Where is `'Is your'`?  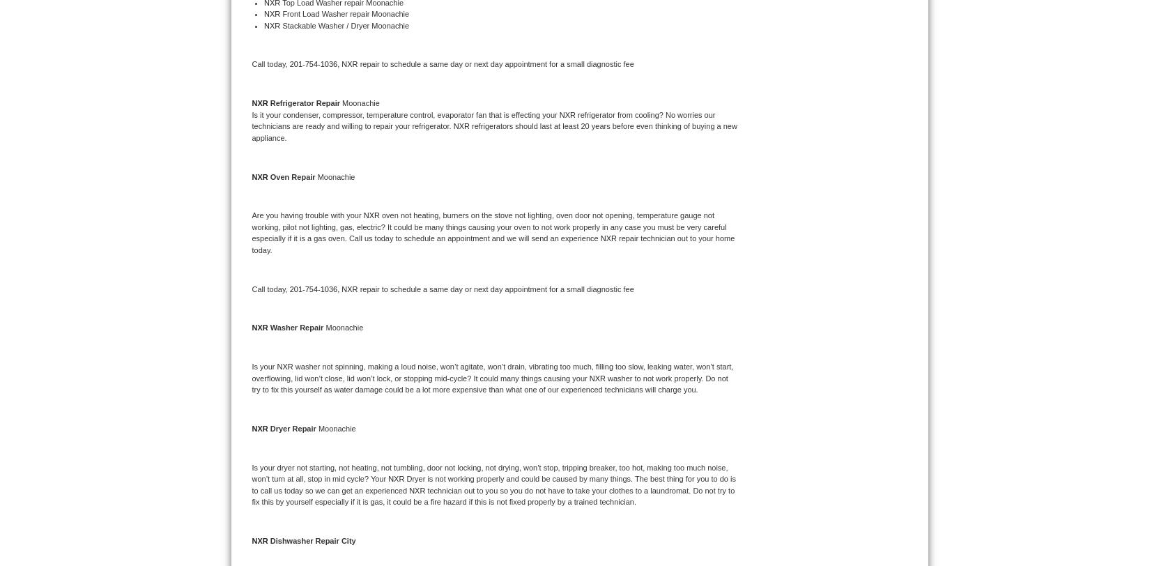 'Is your' is located at coordinates (263, 367).